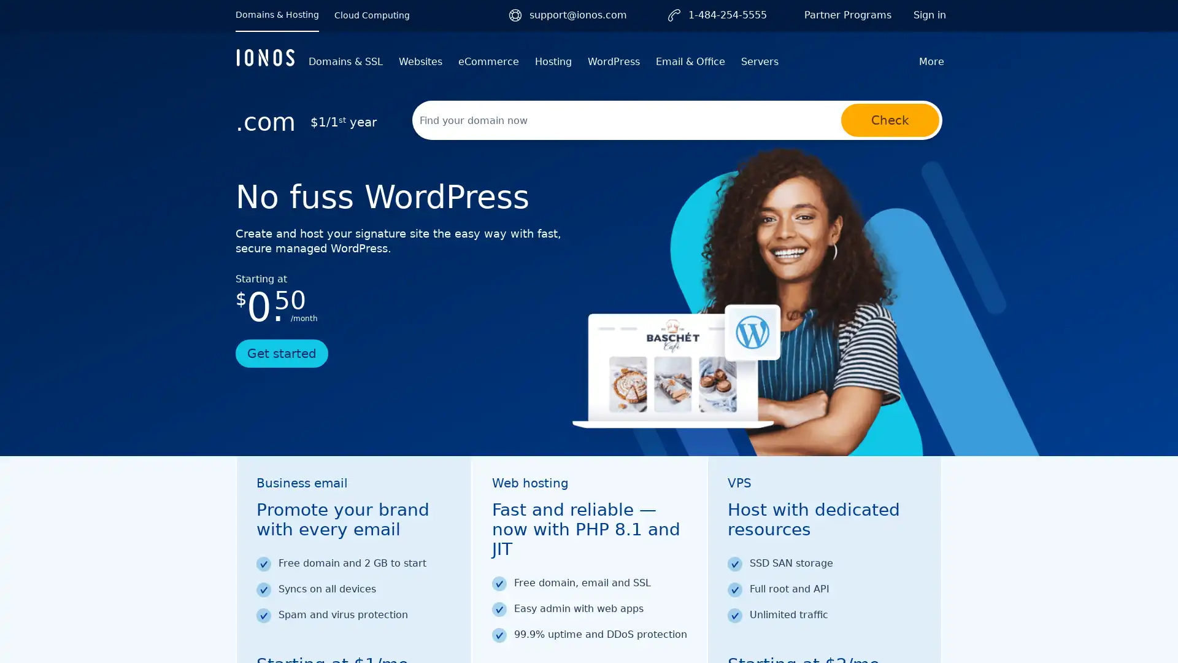 The height and width of the screenshot is (663, 1178). What do you see at coordinates (553, 61) in the screenshot?
I see `Hosting` at bounding box center [553, 61].